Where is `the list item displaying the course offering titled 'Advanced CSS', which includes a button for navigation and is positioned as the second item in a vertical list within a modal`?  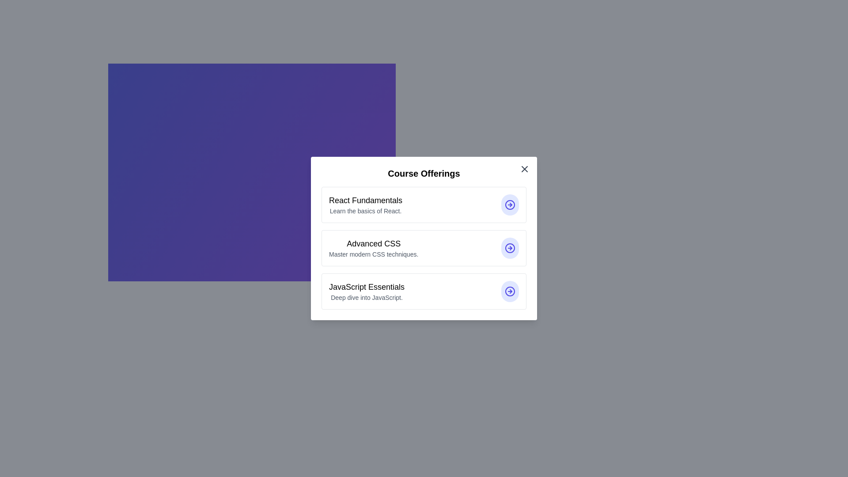 the list item displaying the course offering titled 'Advanced CSS', which includes a button for navigation and is positioned as the second item in a vertical list within a modal is located at coordinates (424, 238).